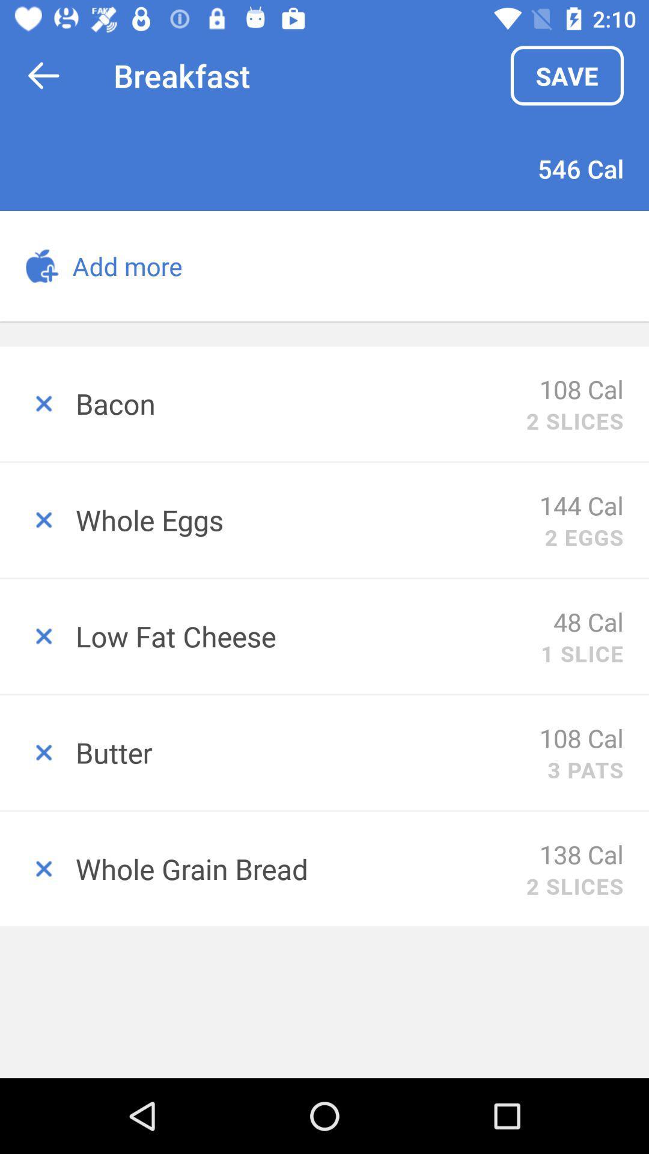  I want to click on delete item, so click(37, 520).